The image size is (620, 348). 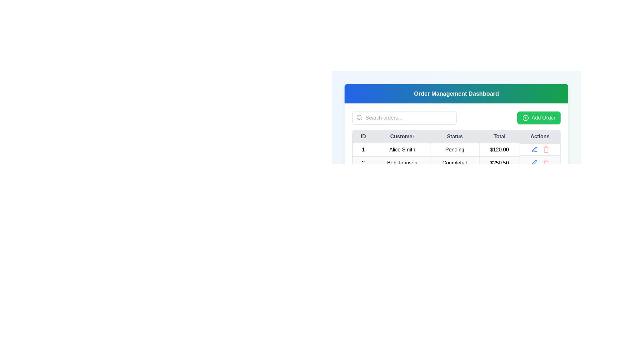 What do you see at coordinates (402, 136) in the screenshot?
I see `the 'Customer' label, which is a bold text component on a light gray background, located between the 'ID' and 'Status' labels in a table-like structure` at bounding box center [402, 136].